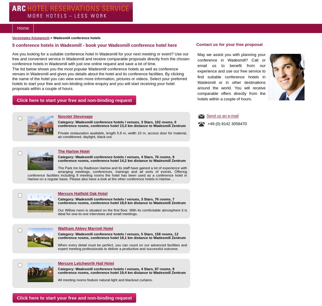 Image resolution: width=322 pixels, height=306 pixels. Describe the element at coordinates (75, 38) in the screenshot. I see `'> Wadesmill conference hotels'` at that location.